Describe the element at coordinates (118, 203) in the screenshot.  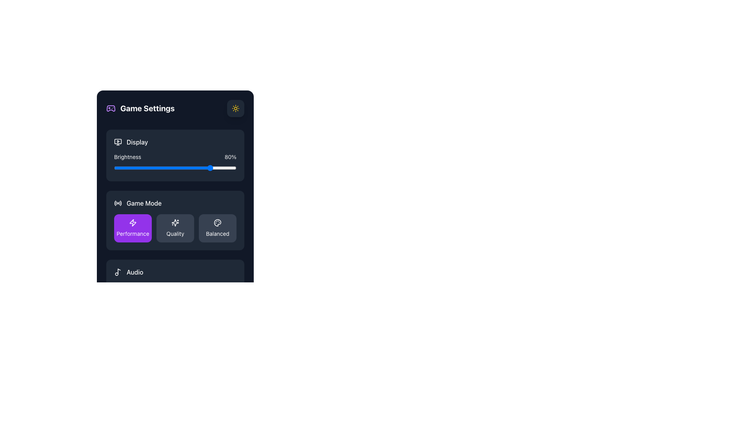
I see `the icon representing a radio signal in the 'Game Mode' section of the 'Game Settings', which indicates the active state or mode` at that location.